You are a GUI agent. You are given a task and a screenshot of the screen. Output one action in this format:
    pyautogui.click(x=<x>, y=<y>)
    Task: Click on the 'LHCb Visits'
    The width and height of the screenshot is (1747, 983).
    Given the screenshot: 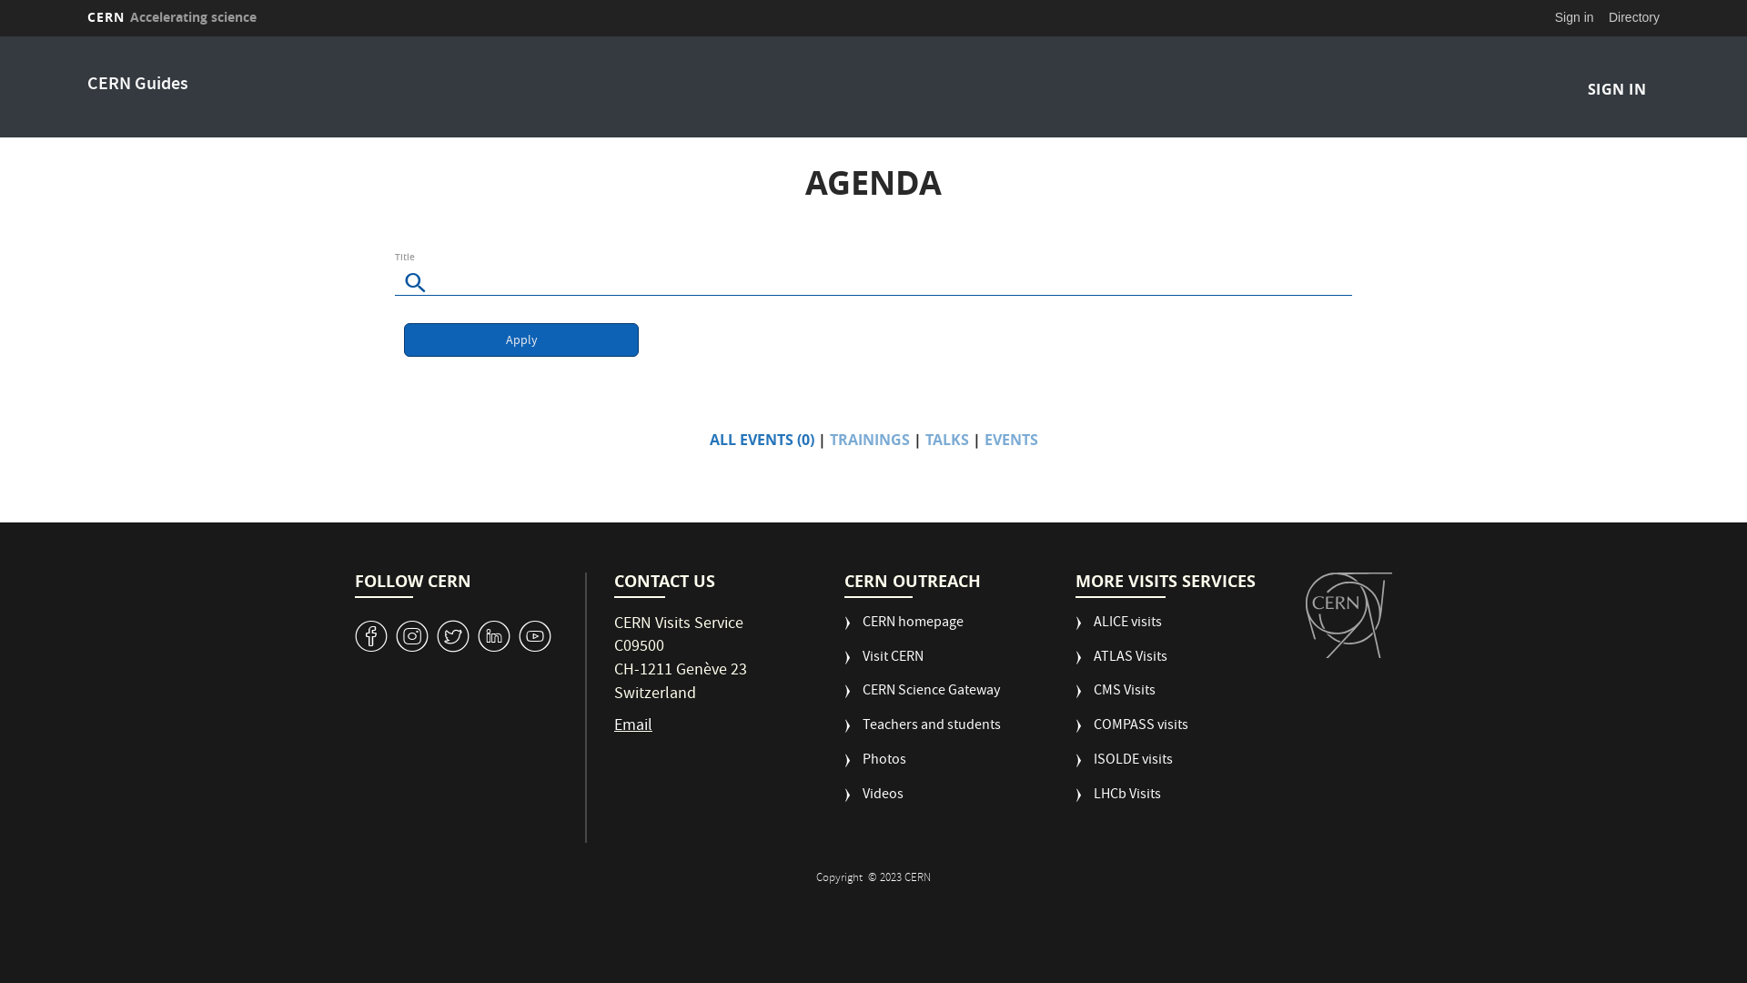 What is the action you would take?
    pyautogui.click(x=1116, y=802)
    